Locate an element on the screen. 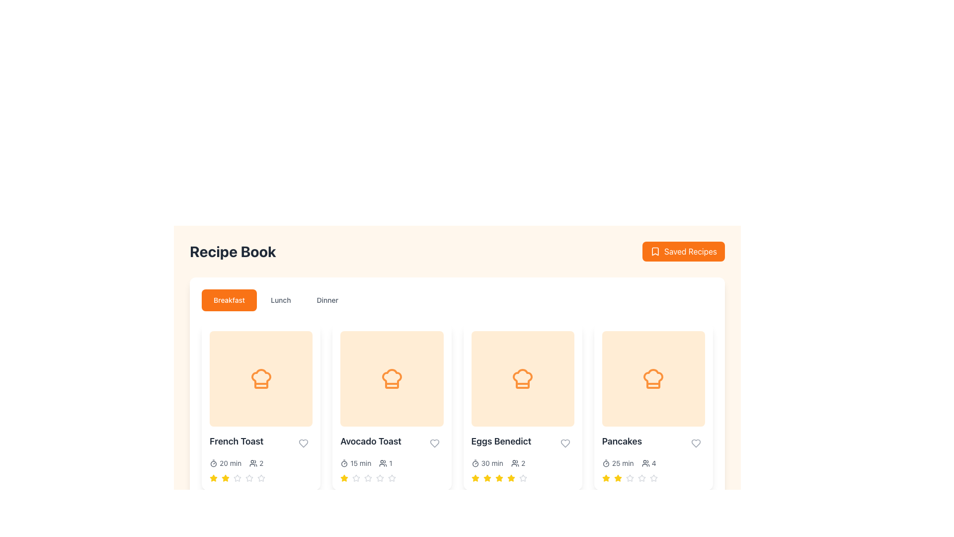  the heart-shaped icon with a gray outline located in the bottom-right corner of the 'French Toast' recipe card to mark the recipe as a favorite is located at coordinates (303, 443).